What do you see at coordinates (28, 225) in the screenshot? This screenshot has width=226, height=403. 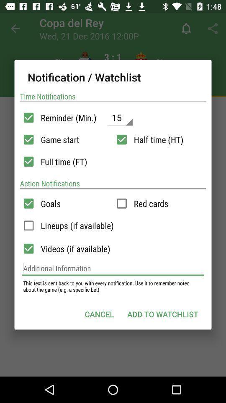 I see `check off this option` at bounding box center [28, 225].